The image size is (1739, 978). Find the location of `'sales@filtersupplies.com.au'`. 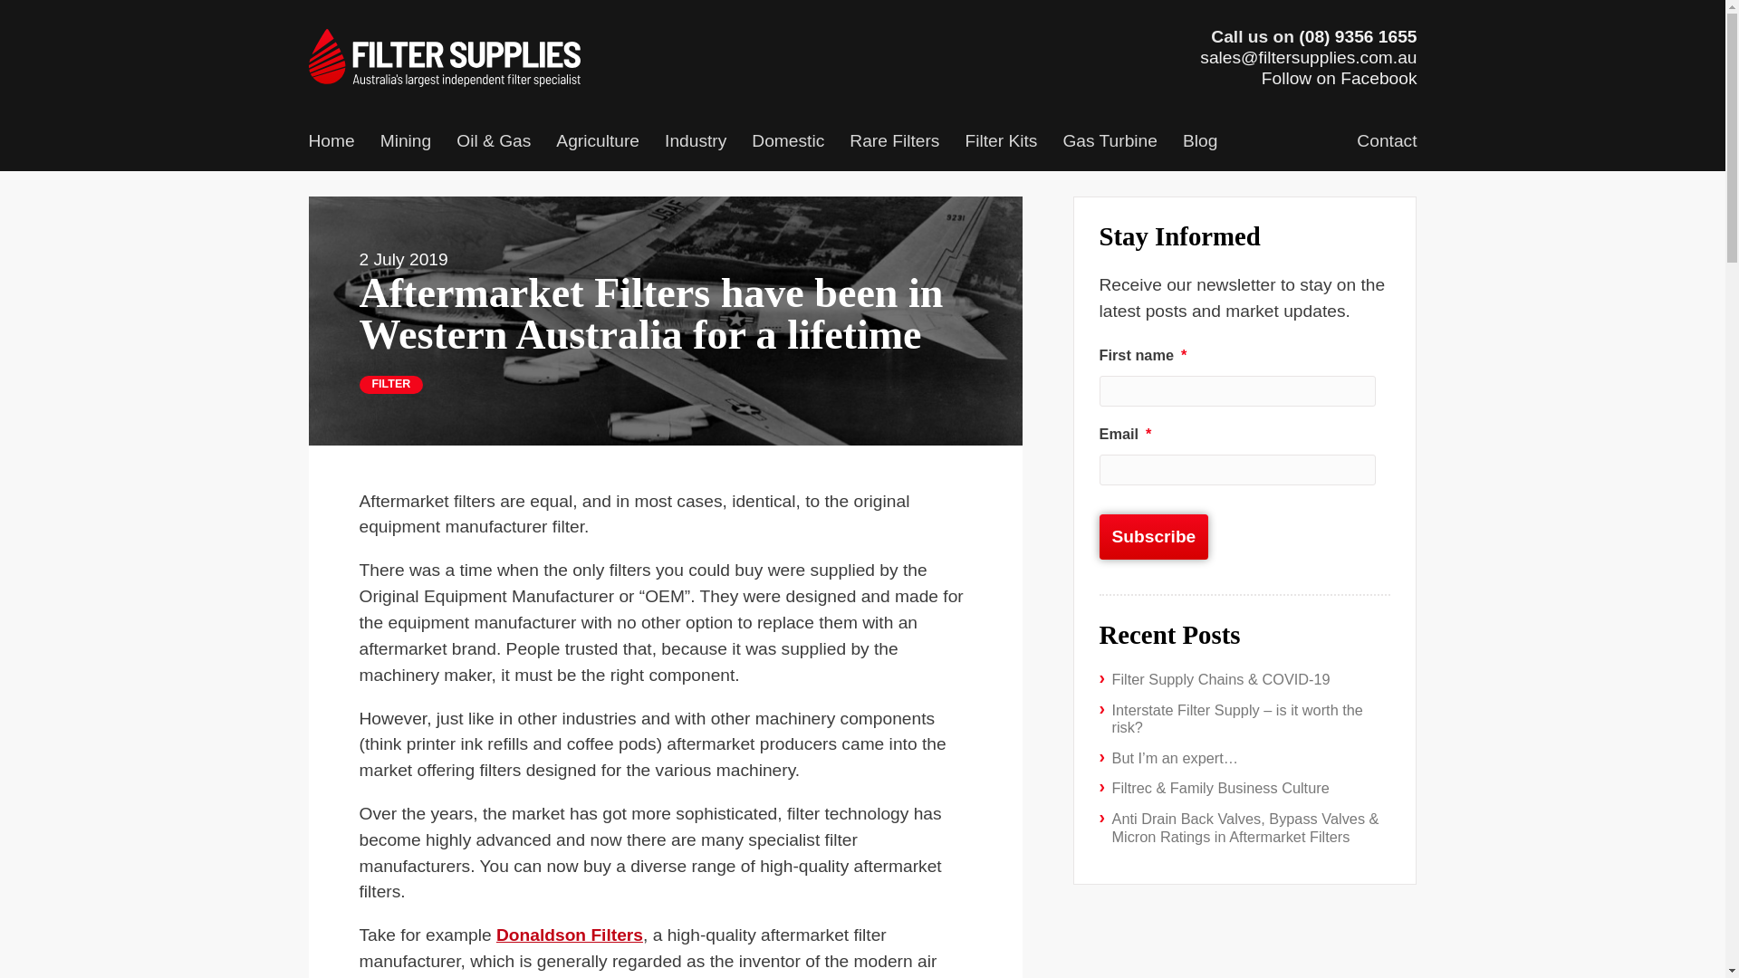

'sales@filtersupplies.com.au' is located at coordinates (1199, 56).